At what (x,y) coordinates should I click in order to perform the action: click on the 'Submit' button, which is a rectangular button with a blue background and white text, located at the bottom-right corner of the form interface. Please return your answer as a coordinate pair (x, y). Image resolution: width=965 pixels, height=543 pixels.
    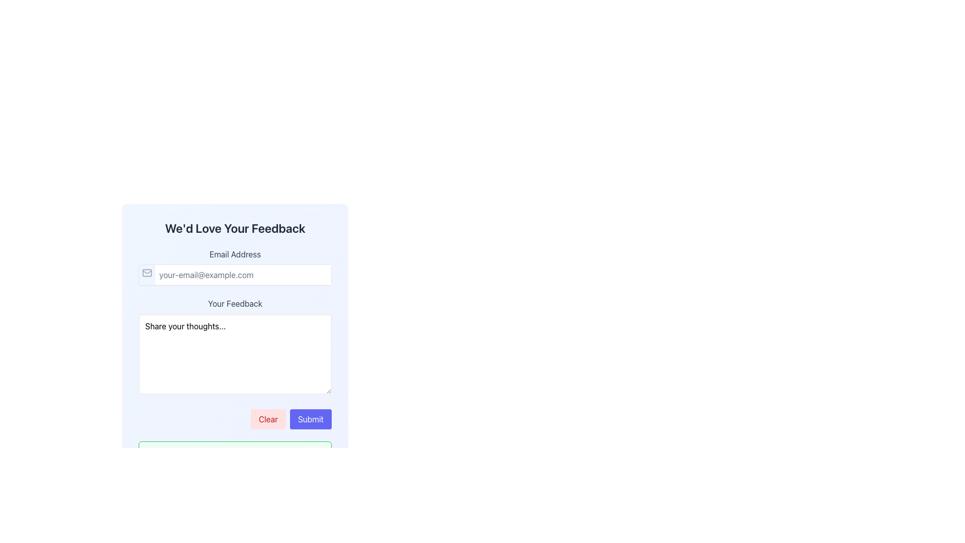
    Looking at the image, I should click on (310, 419).